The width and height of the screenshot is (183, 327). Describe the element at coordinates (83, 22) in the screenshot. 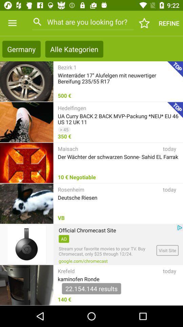

I see `what are you icon` at that location.